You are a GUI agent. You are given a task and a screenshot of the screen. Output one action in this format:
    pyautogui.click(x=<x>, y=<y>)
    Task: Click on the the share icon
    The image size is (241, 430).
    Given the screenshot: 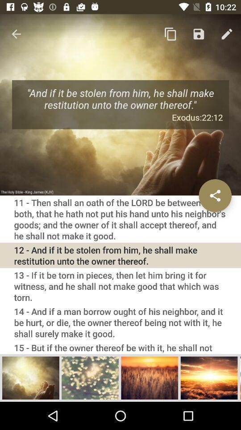 What is the action you would take?
    pyautogui.click(x=215, y=195)
    